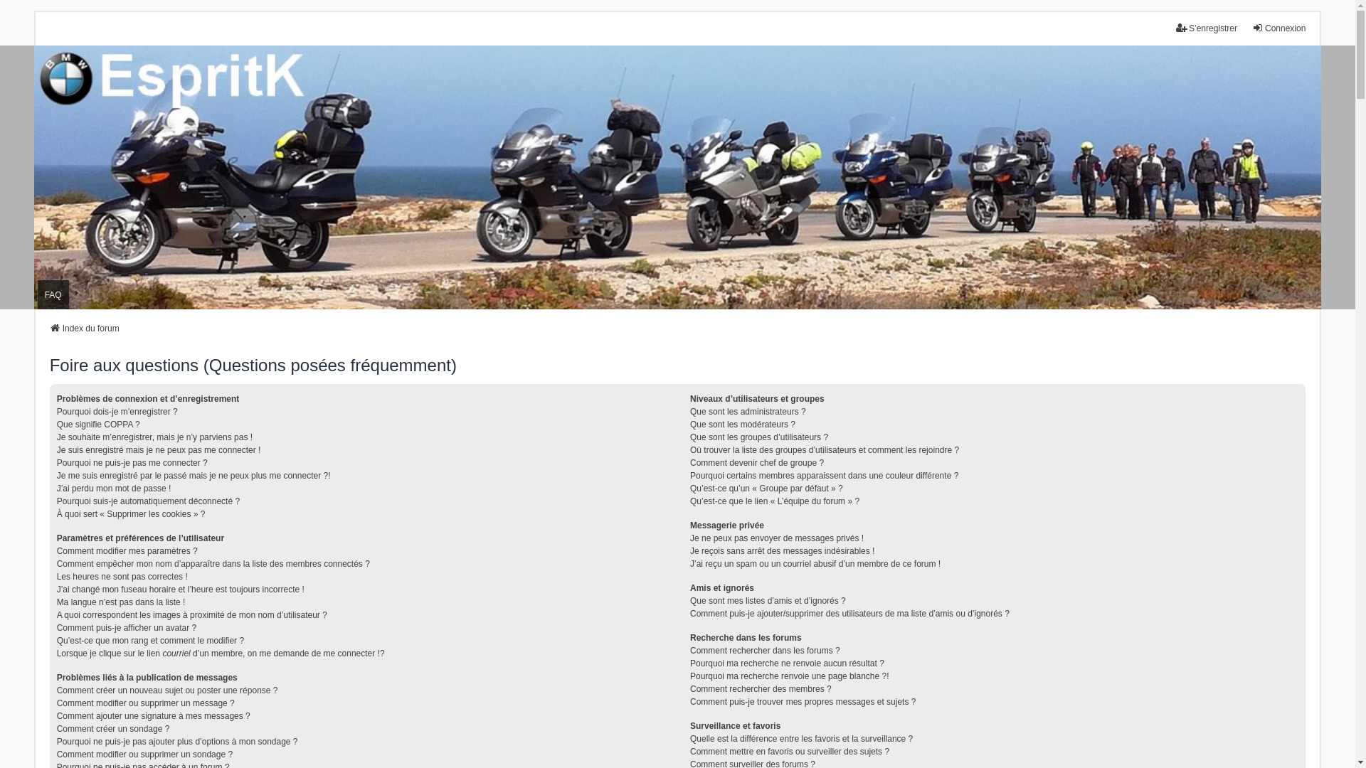 This screenshot has width=1366, height=768. Describe the element at coordinates (788, 676) in the screenshot. I see `'Pourquoi ma recherche renvoie une page blanche ?!'` at that location.